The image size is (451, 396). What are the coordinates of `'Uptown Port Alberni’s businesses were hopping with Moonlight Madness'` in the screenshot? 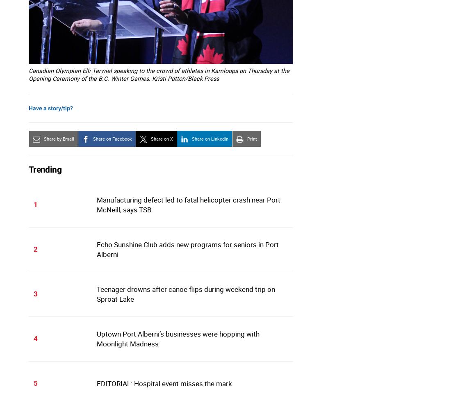 It's located at (177, 339).